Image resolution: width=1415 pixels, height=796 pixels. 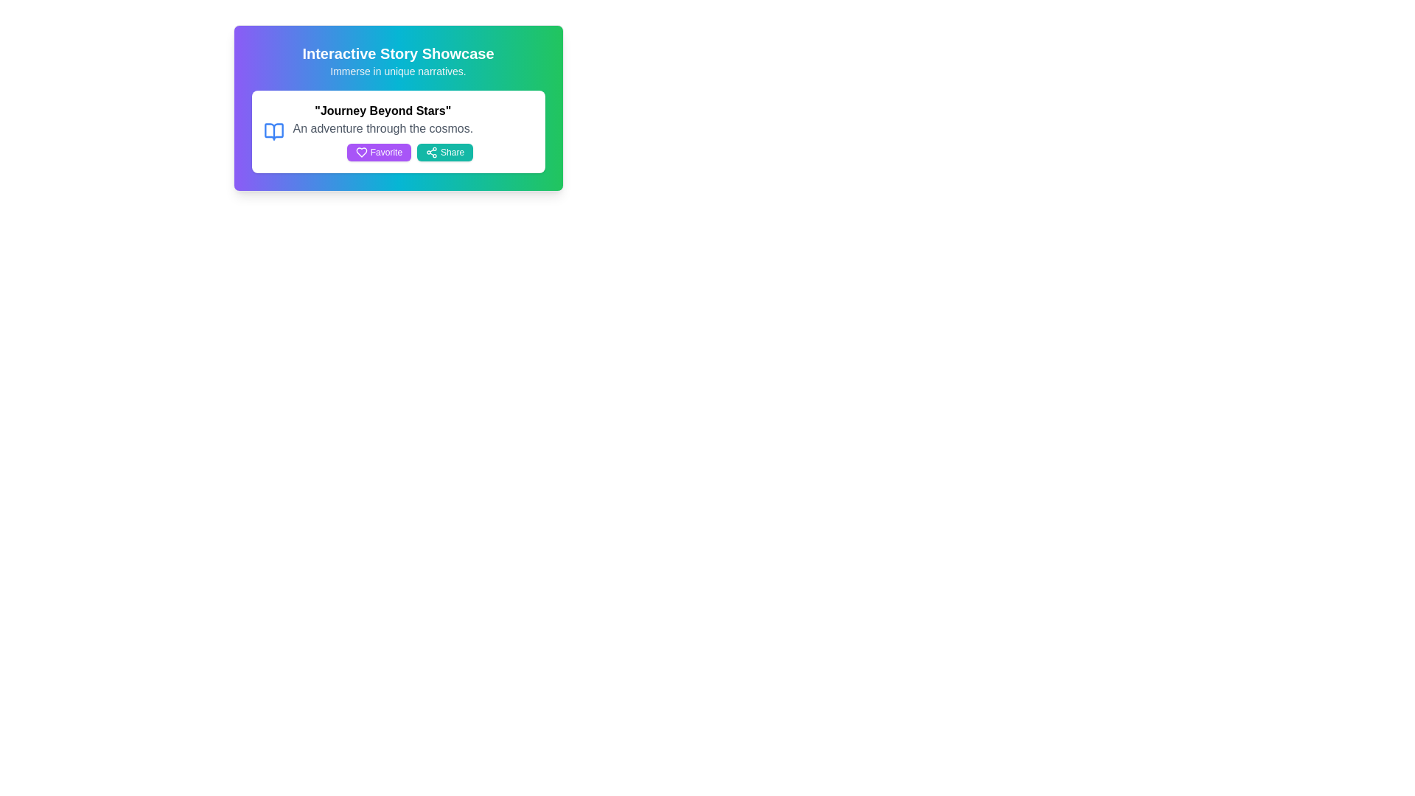 I want to click on the appearance of the 'Favorite' icon located within the rounded rectangular button in the lower-middle section of the main card component, so click(x=361, y=153).